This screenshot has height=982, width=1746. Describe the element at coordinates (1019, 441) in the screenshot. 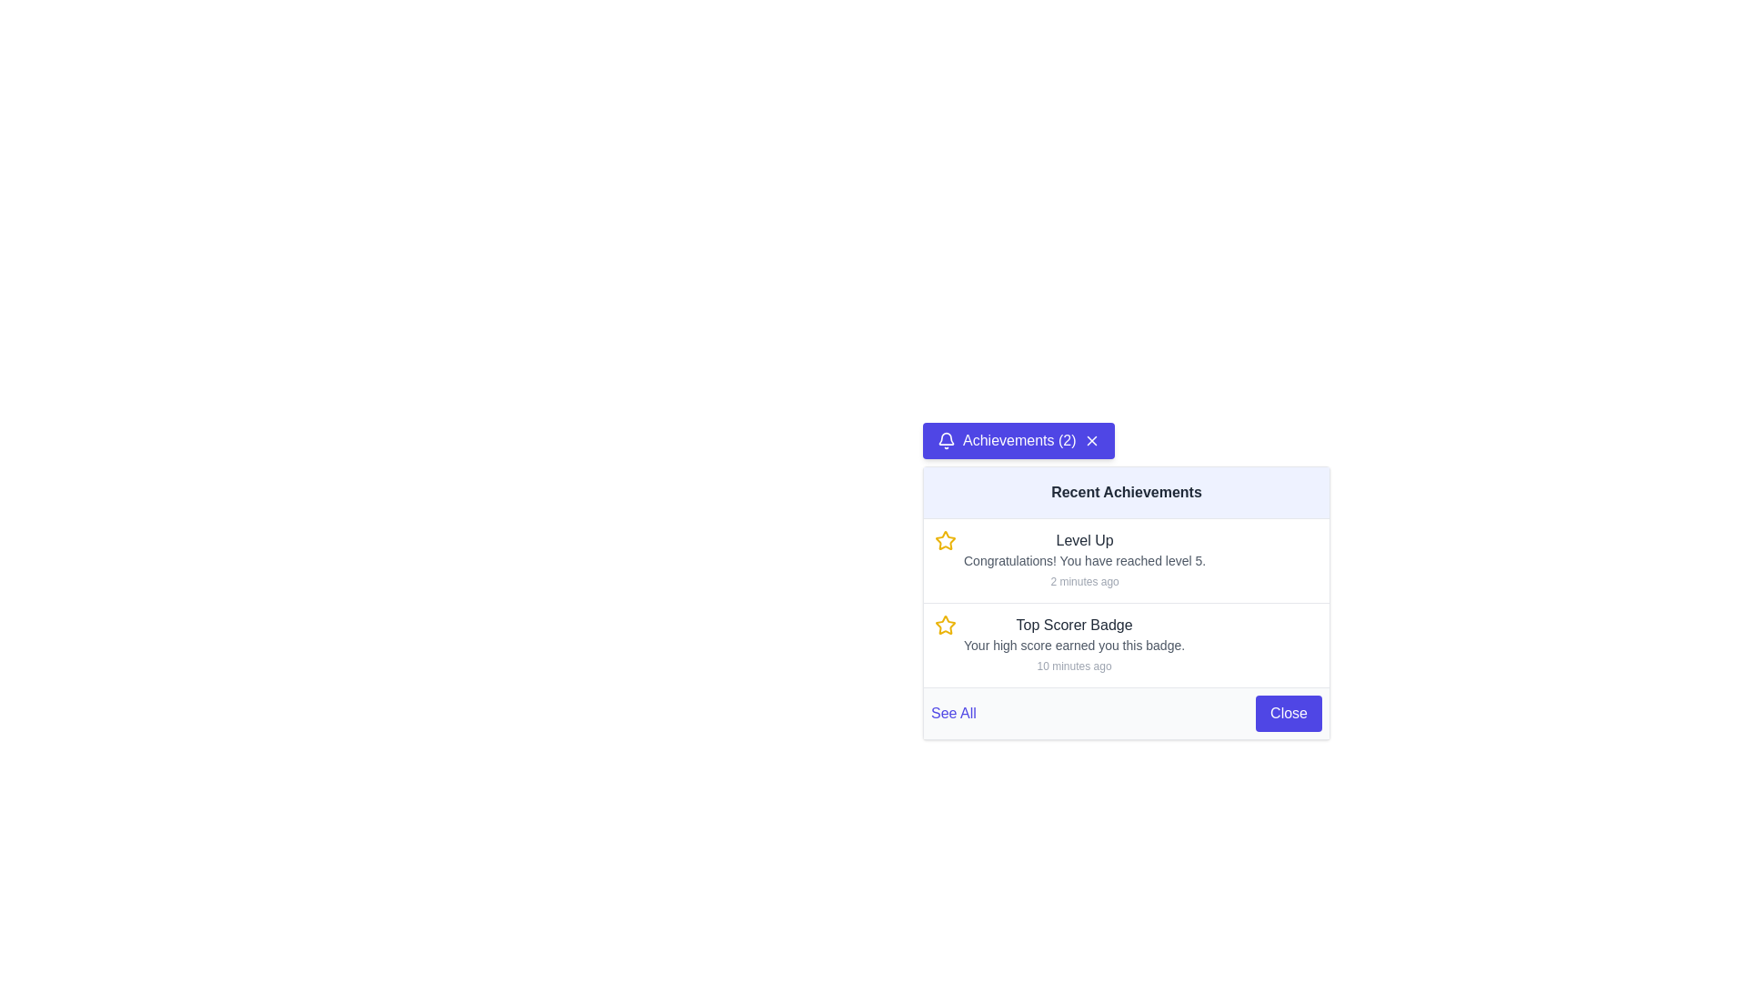

I see `the achievements label located centrally in the header bar of the modal window, positioned between the left bell icon and the right close button` at that location.